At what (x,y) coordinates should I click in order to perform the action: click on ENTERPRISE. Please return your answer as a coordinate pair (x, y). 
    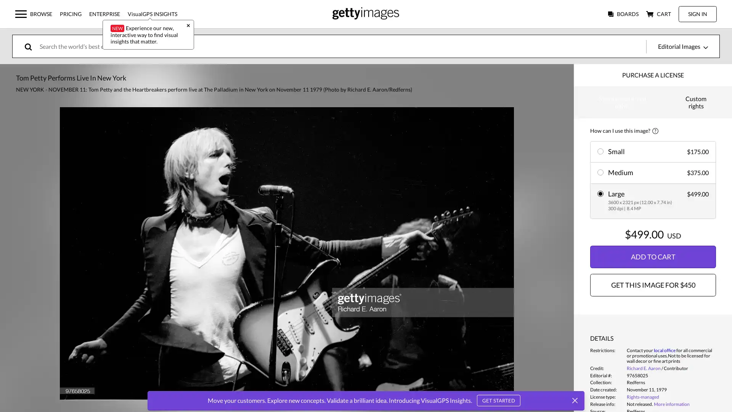
    Looking at the image, I should click on (104, 13).